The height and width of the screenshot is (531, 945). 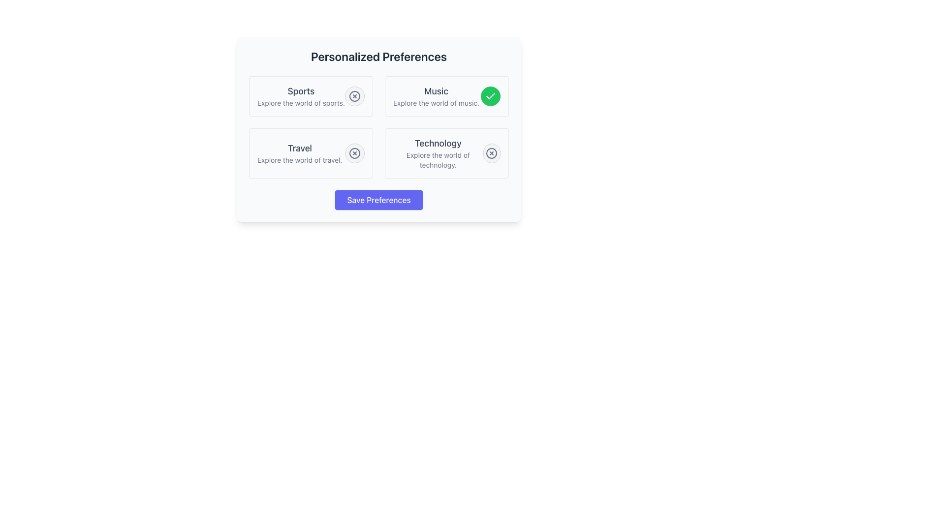 I want to click on the circle element within the SVG that is part of the 'Technology' segment for deselecting or removing an option, so click(x=492, y=153).